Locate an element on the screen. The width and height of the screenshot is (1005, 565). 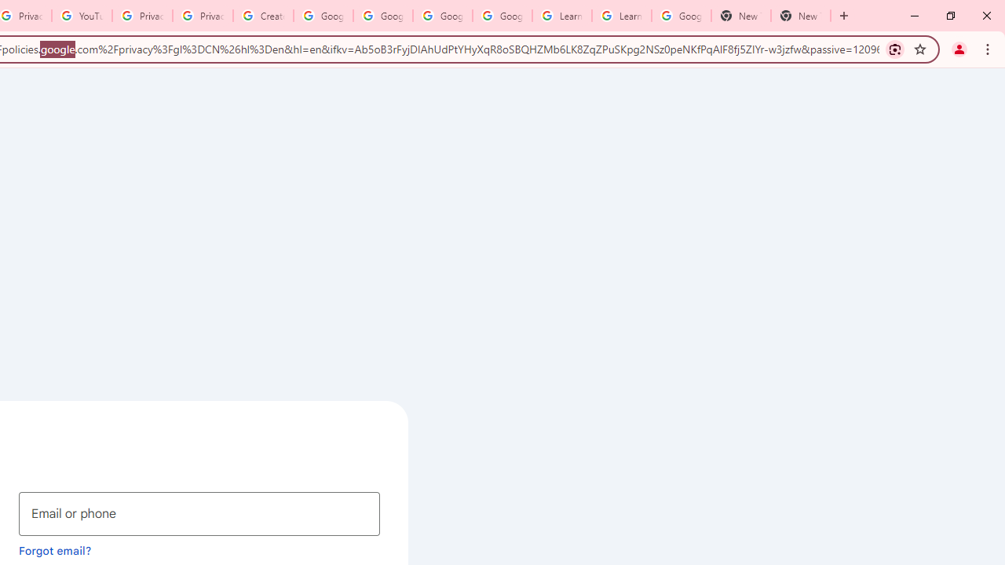
'Email or phone' is located at coordinates (199, 513).